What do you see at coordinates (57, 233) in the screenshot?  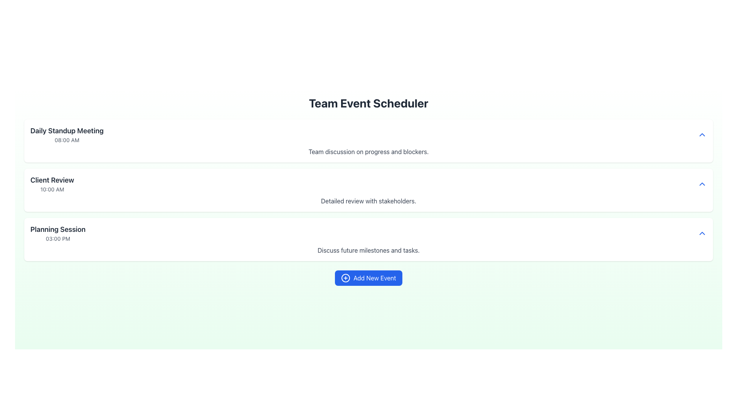 I see `the text label that represents the scheduled event, which is the third entry in a vertically stacked list, positioned below 'Client Review' and above the 'Add New Event' button` at bounding box center [57, 233].